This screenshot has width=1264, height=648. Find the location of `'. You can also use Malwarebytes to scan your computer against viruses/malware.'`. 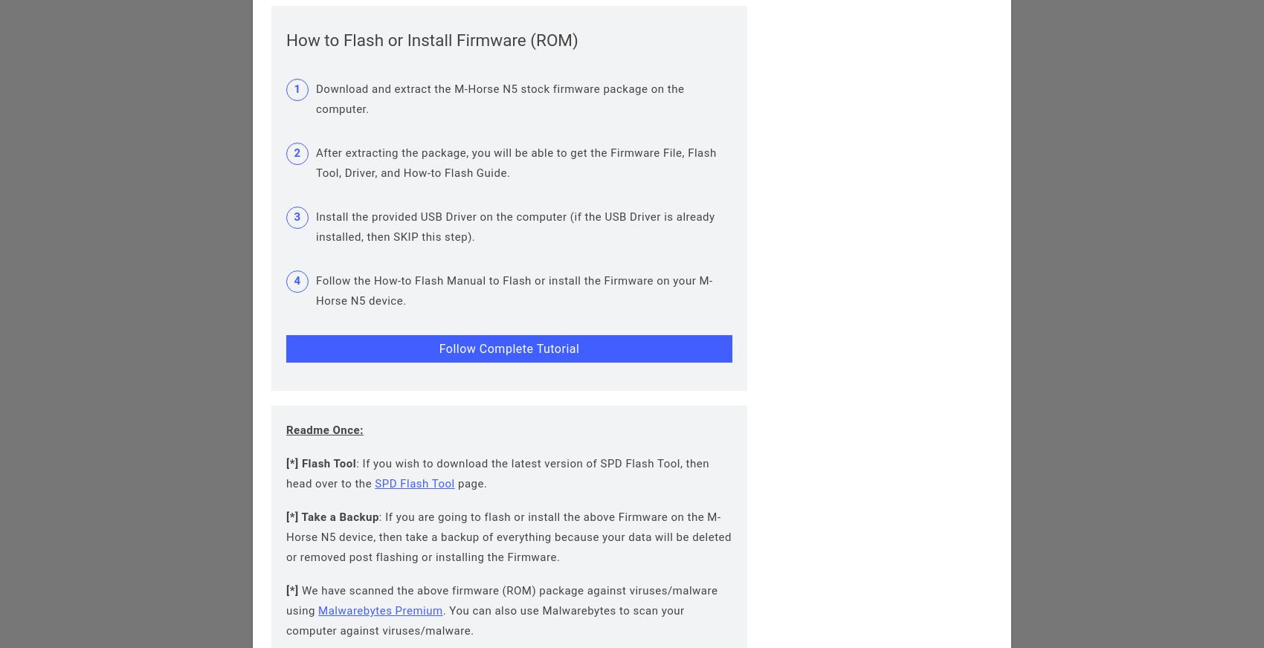

'. You can also use Malwarebytes to scan your computer against viruses/malware.' is located at coordinates (485, 621).